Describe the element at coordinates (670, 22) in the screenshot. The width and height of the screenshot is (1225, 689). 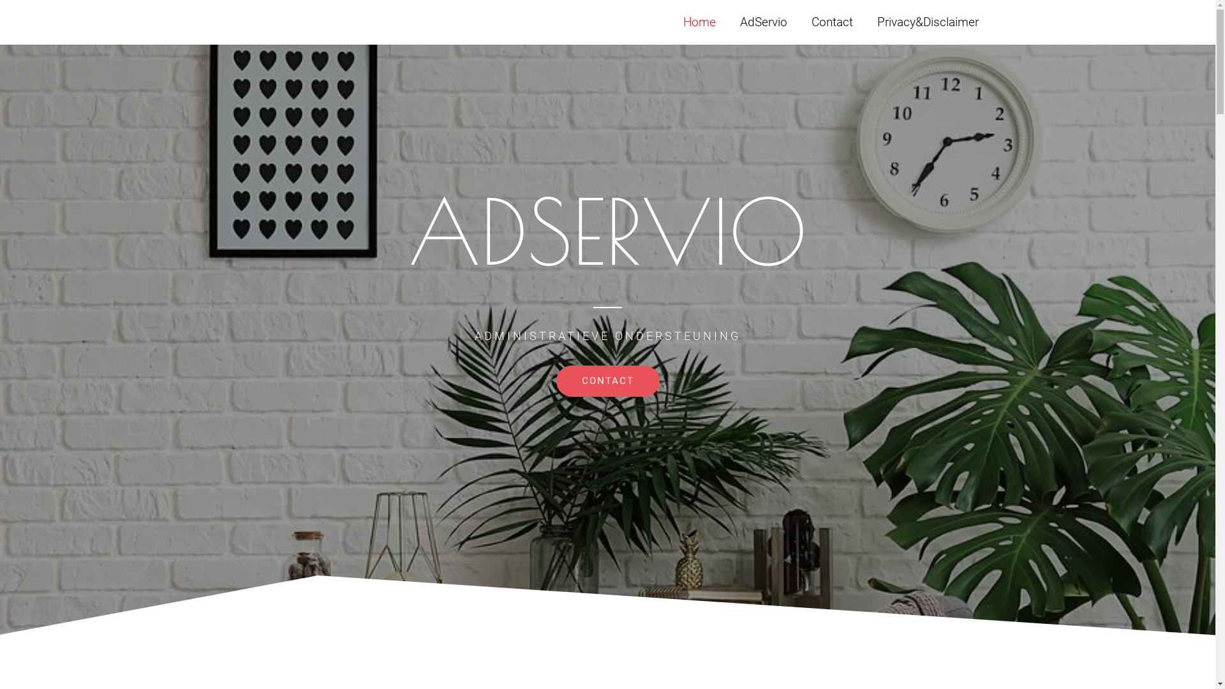
I see `'Home'` at that location.